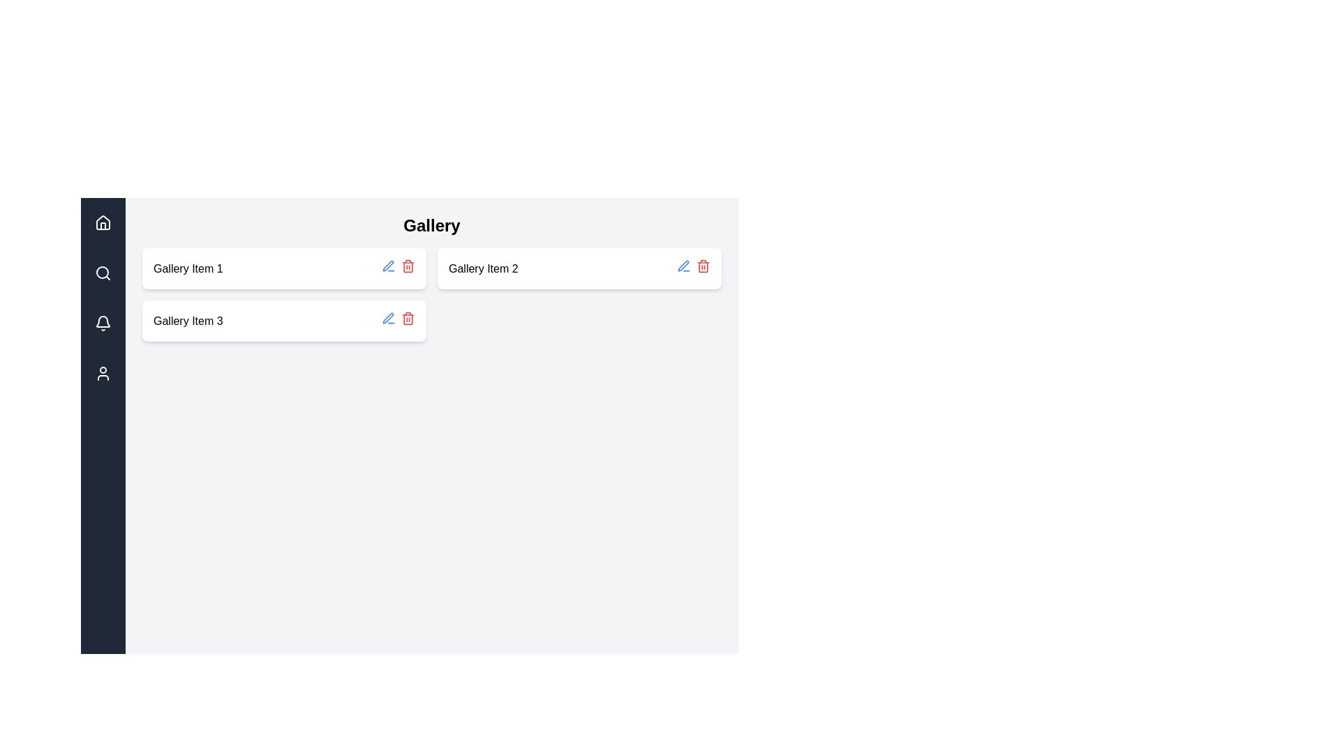 This screenshot has width=1340, height=753. I want to click on the bell icon in the vertical menu of the application's left sidebar, so click(103, 323).